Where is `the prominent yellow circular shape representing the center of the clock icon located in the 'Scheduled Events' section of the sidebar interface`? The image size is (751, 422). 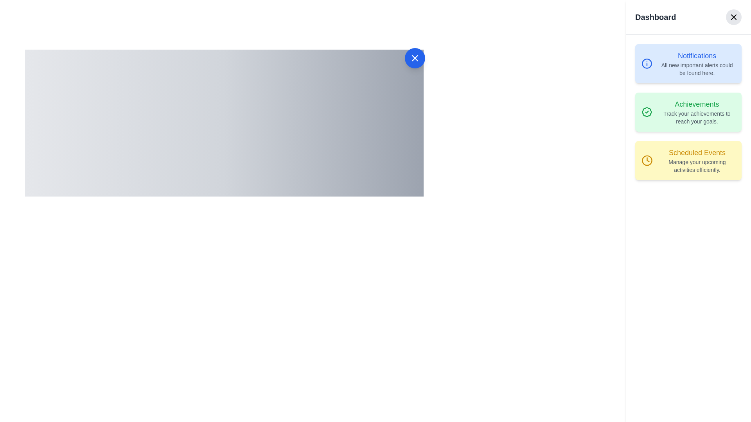 the prominent yellow circular shape representing the center of the clock icon located in the 'Scheduled Events' section of the sidebar interface is located at coordinates (647, 160).